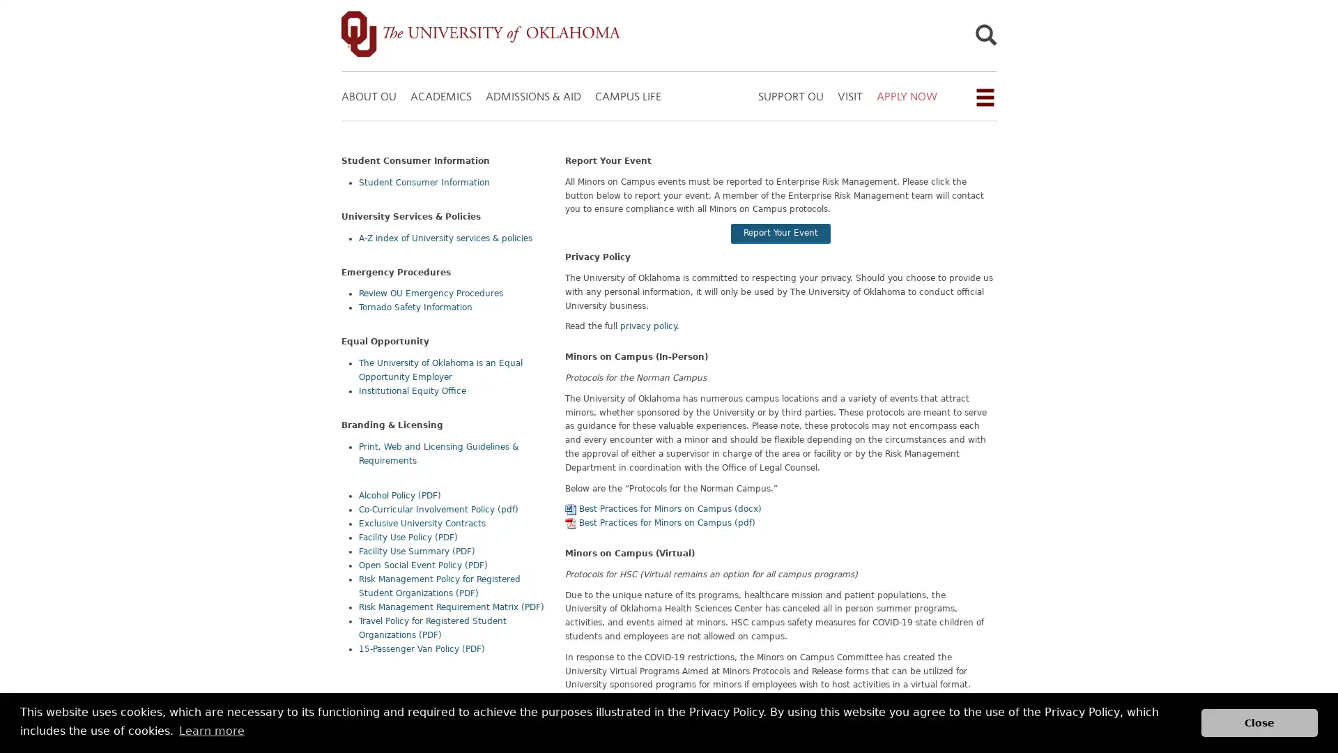 The width and height of the screenshot is (1338, 753). I want to click on Open the navigation menu for additional navigation options, so click(983, 96).